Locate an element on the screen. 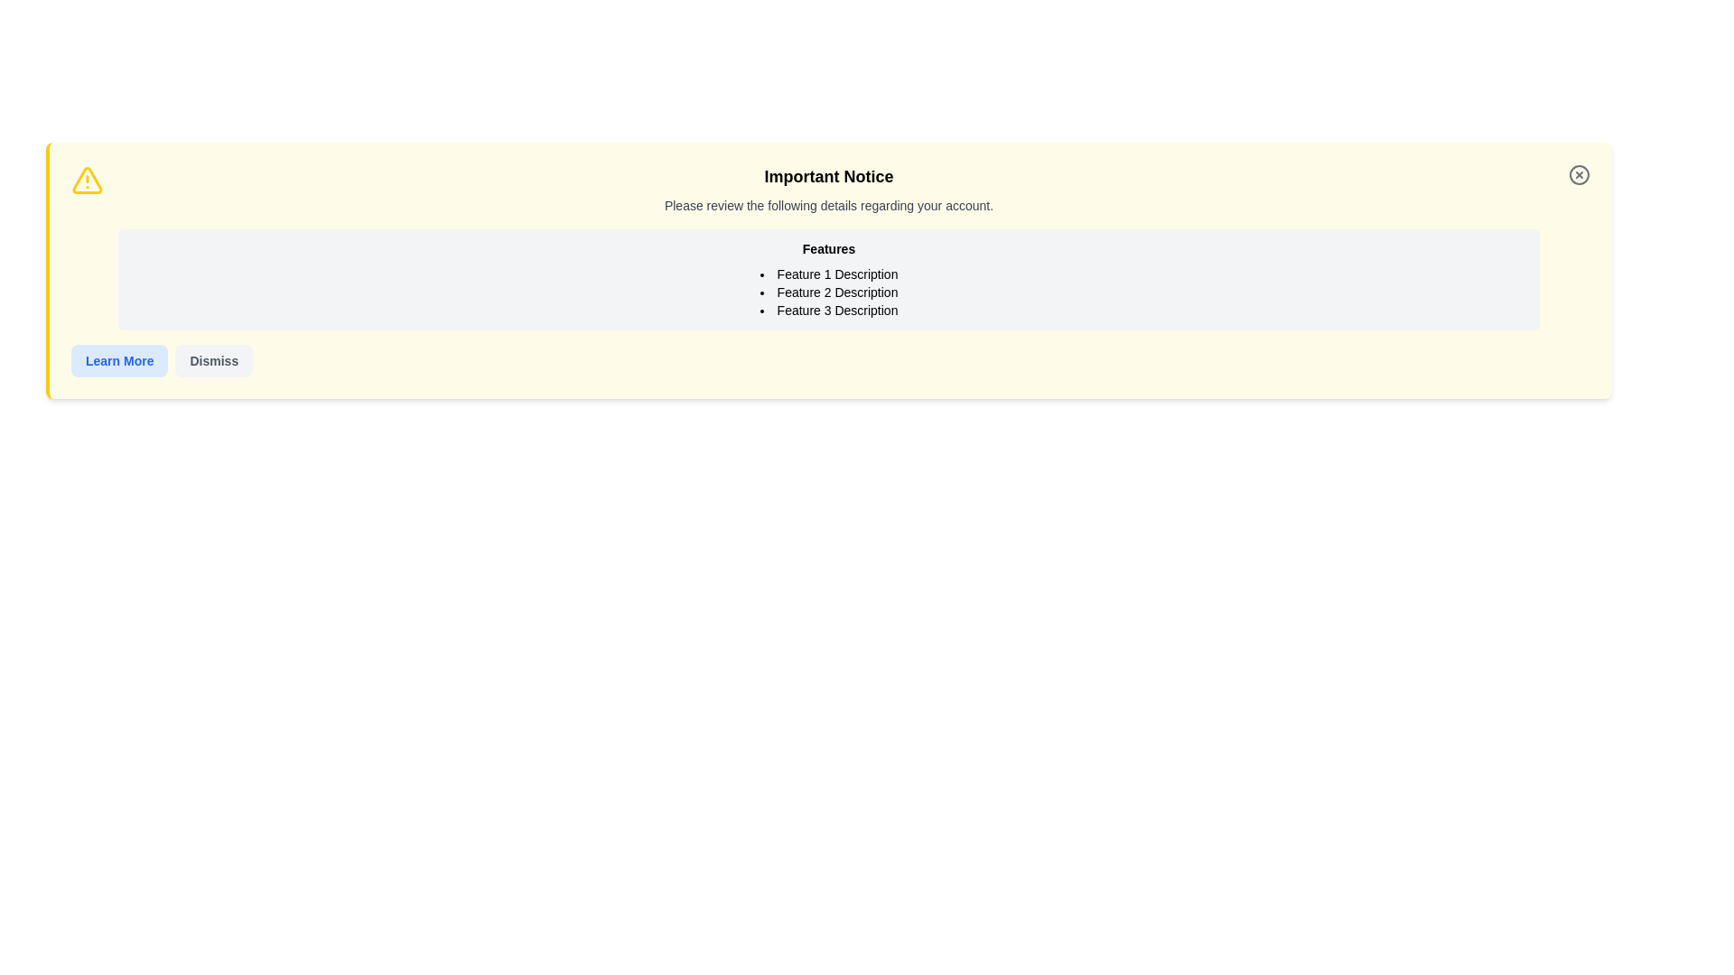 The height and width of the screenshot is (975, 1734). the second item in the bulleted list under the heading 'Features', which serves as a descriptive text entry about a specific feature is located at coordinates (827, 292).